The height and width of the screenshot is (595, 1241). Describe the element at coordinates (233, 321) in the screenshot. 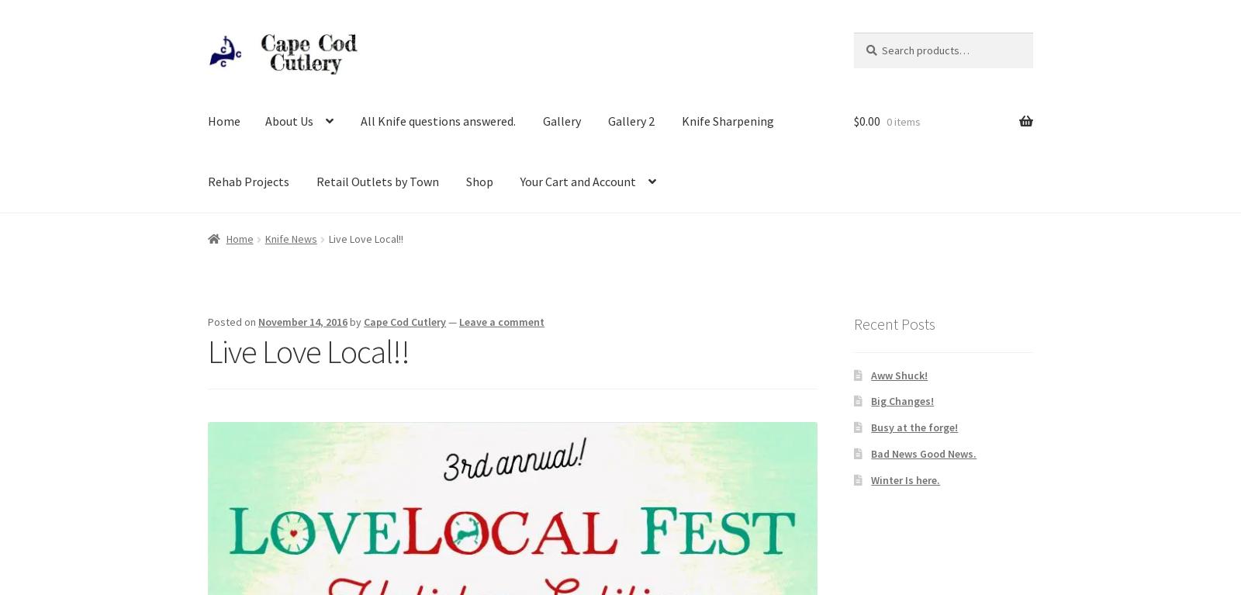

I see `'Posted on'` at that location.